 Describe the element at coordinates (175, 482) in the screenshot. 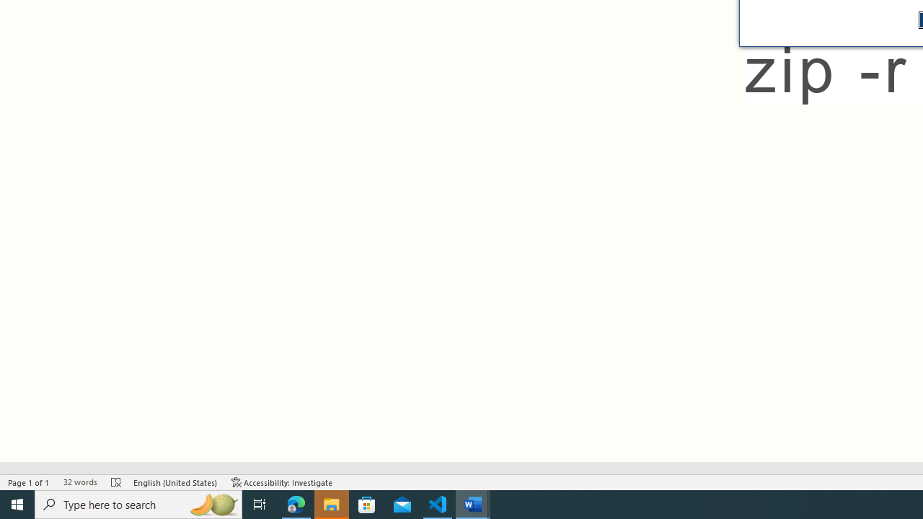

I see `'Language English (United States)'` at that location.